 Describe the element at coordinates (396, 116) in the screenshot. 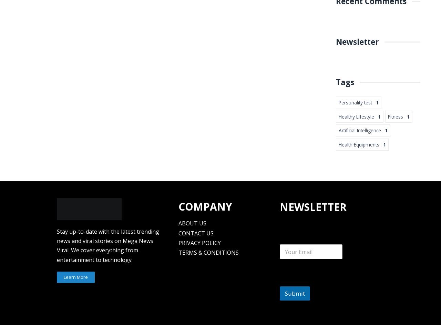

I see `'Fitness'` at that location.